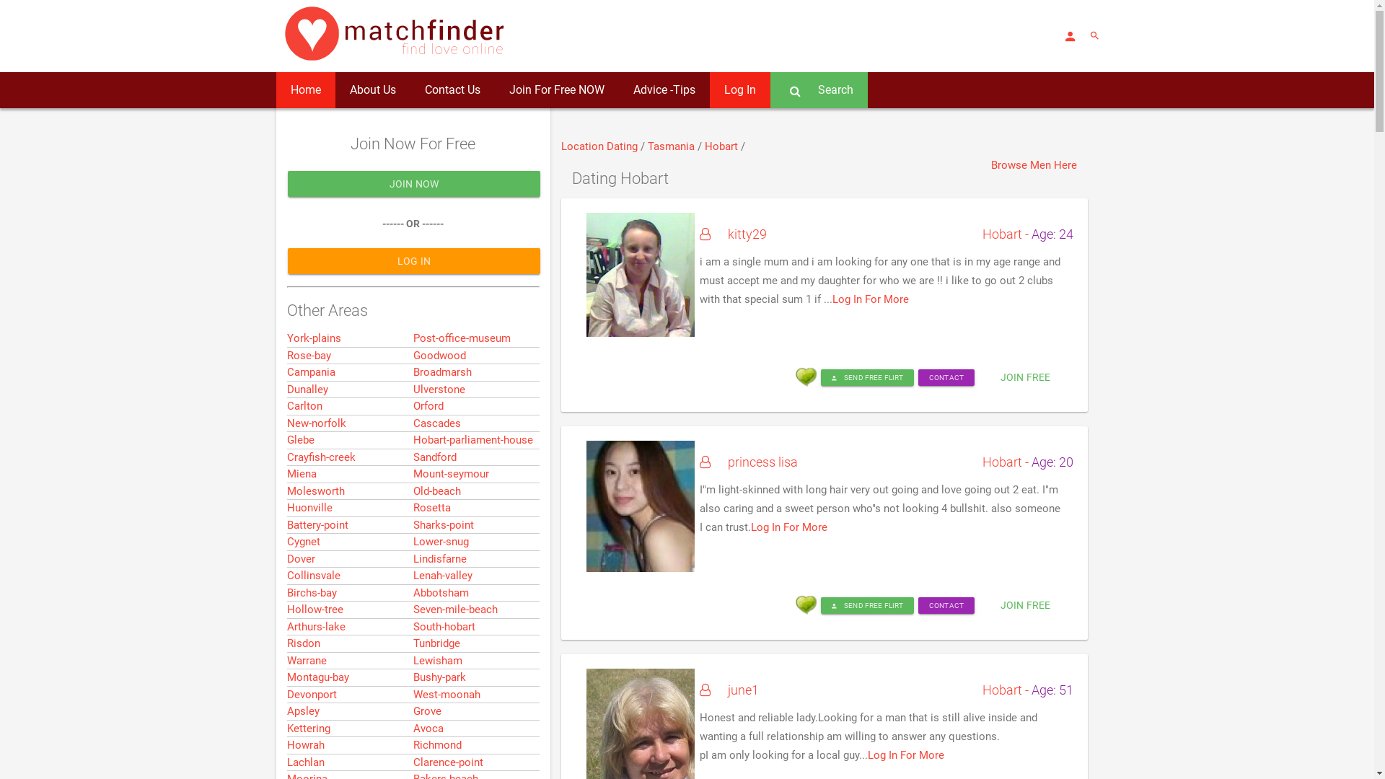 This screenshot has height=779, width=1385. I want to click on 'Sharks-point', so click(442, 525).